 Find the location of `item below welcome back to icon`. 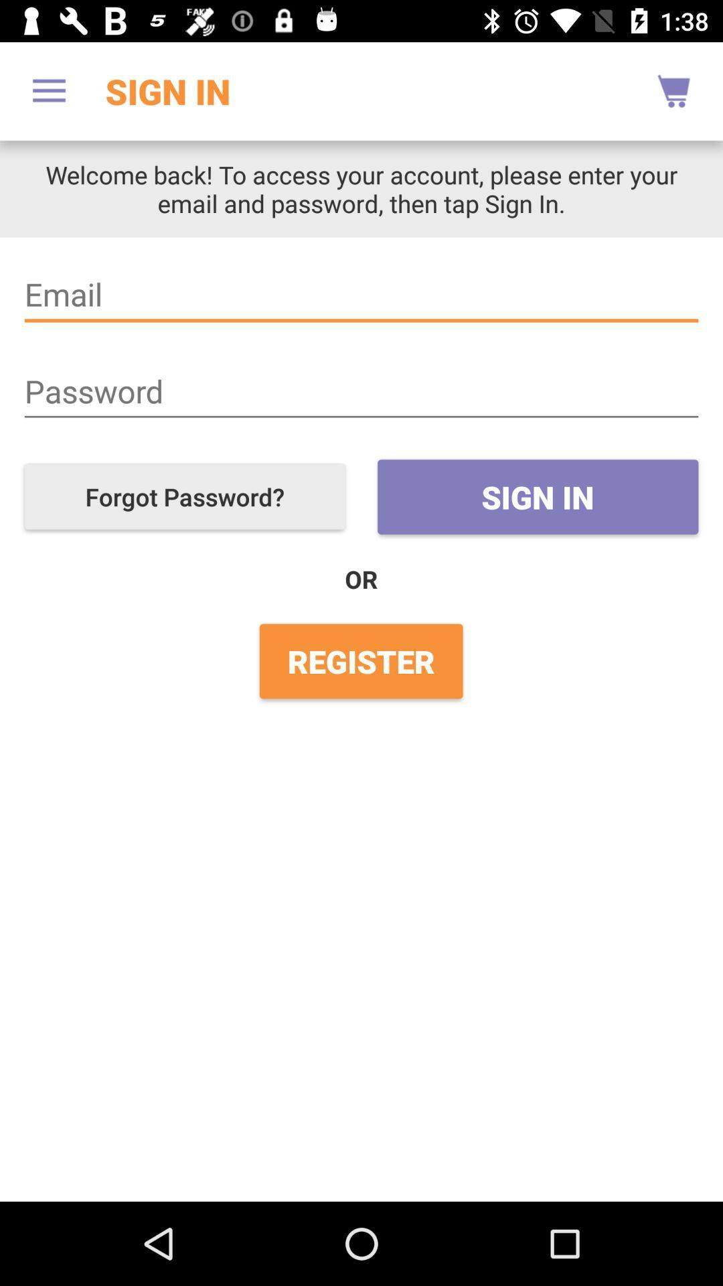

item below welcome back to icon is located at coordinates (361, 294).